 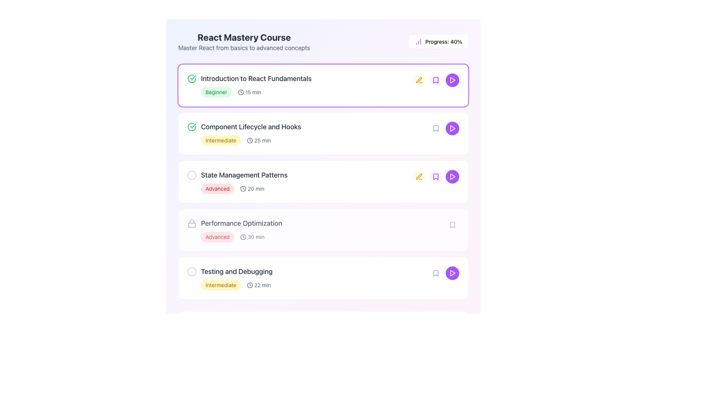 I want to click on the clock icon located to the left of the '15 min' text in the first item of the list, within the 'Introduction to React Fundamentals' card, to focus on it, so click(x=240, y=92).